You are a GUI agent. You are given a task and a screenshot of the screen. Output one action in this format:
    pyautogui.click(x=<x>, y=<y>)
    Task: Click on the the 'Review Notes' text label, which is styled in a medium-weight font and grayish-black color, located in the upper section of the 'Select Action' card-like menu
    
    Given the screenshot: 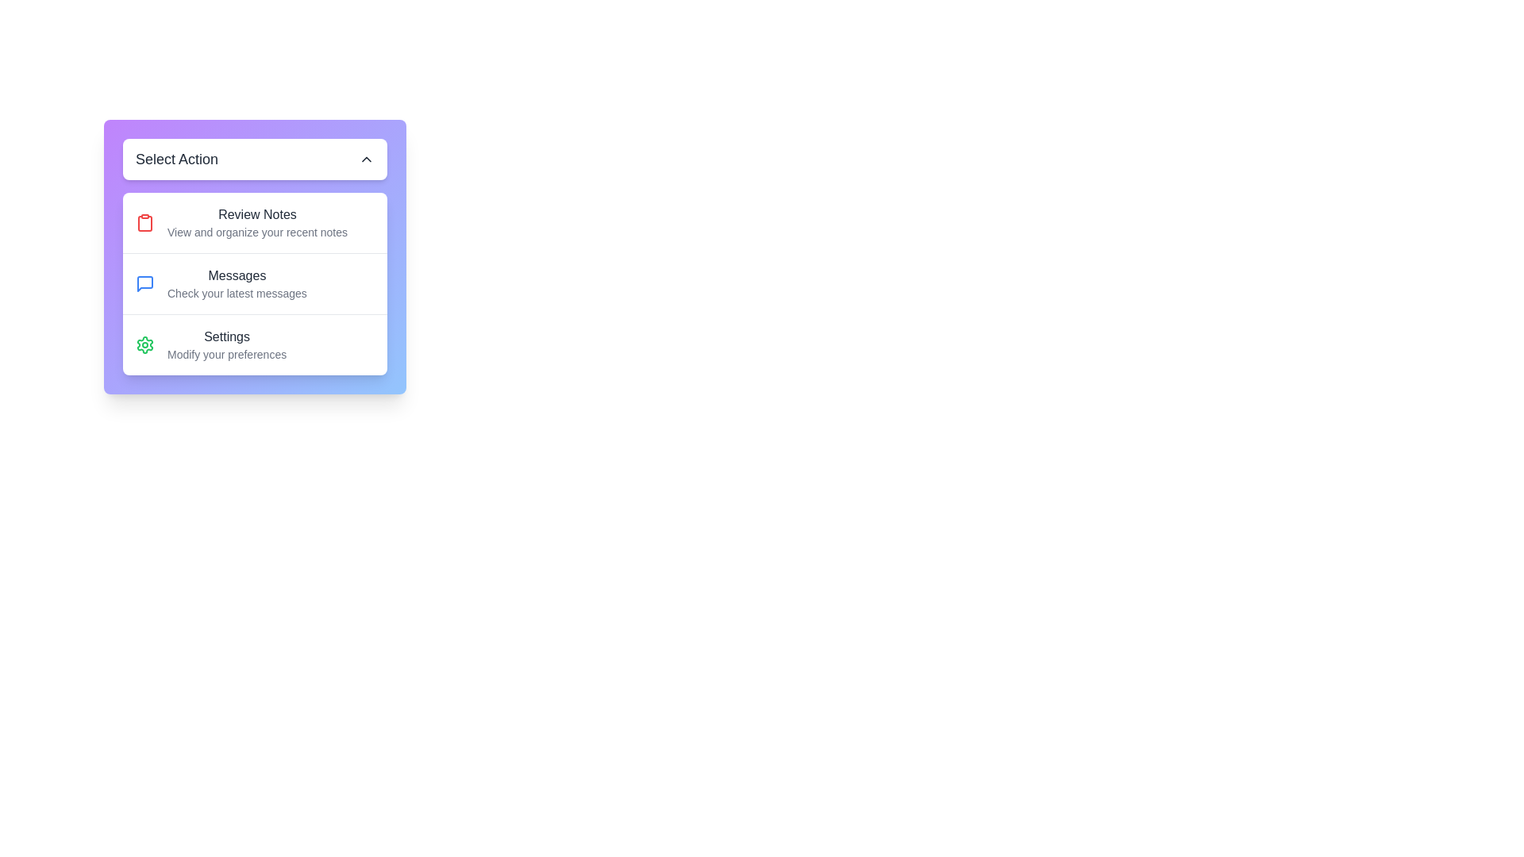 What is the action you would take?
    pyautogui.click(x=257, y=214)
    